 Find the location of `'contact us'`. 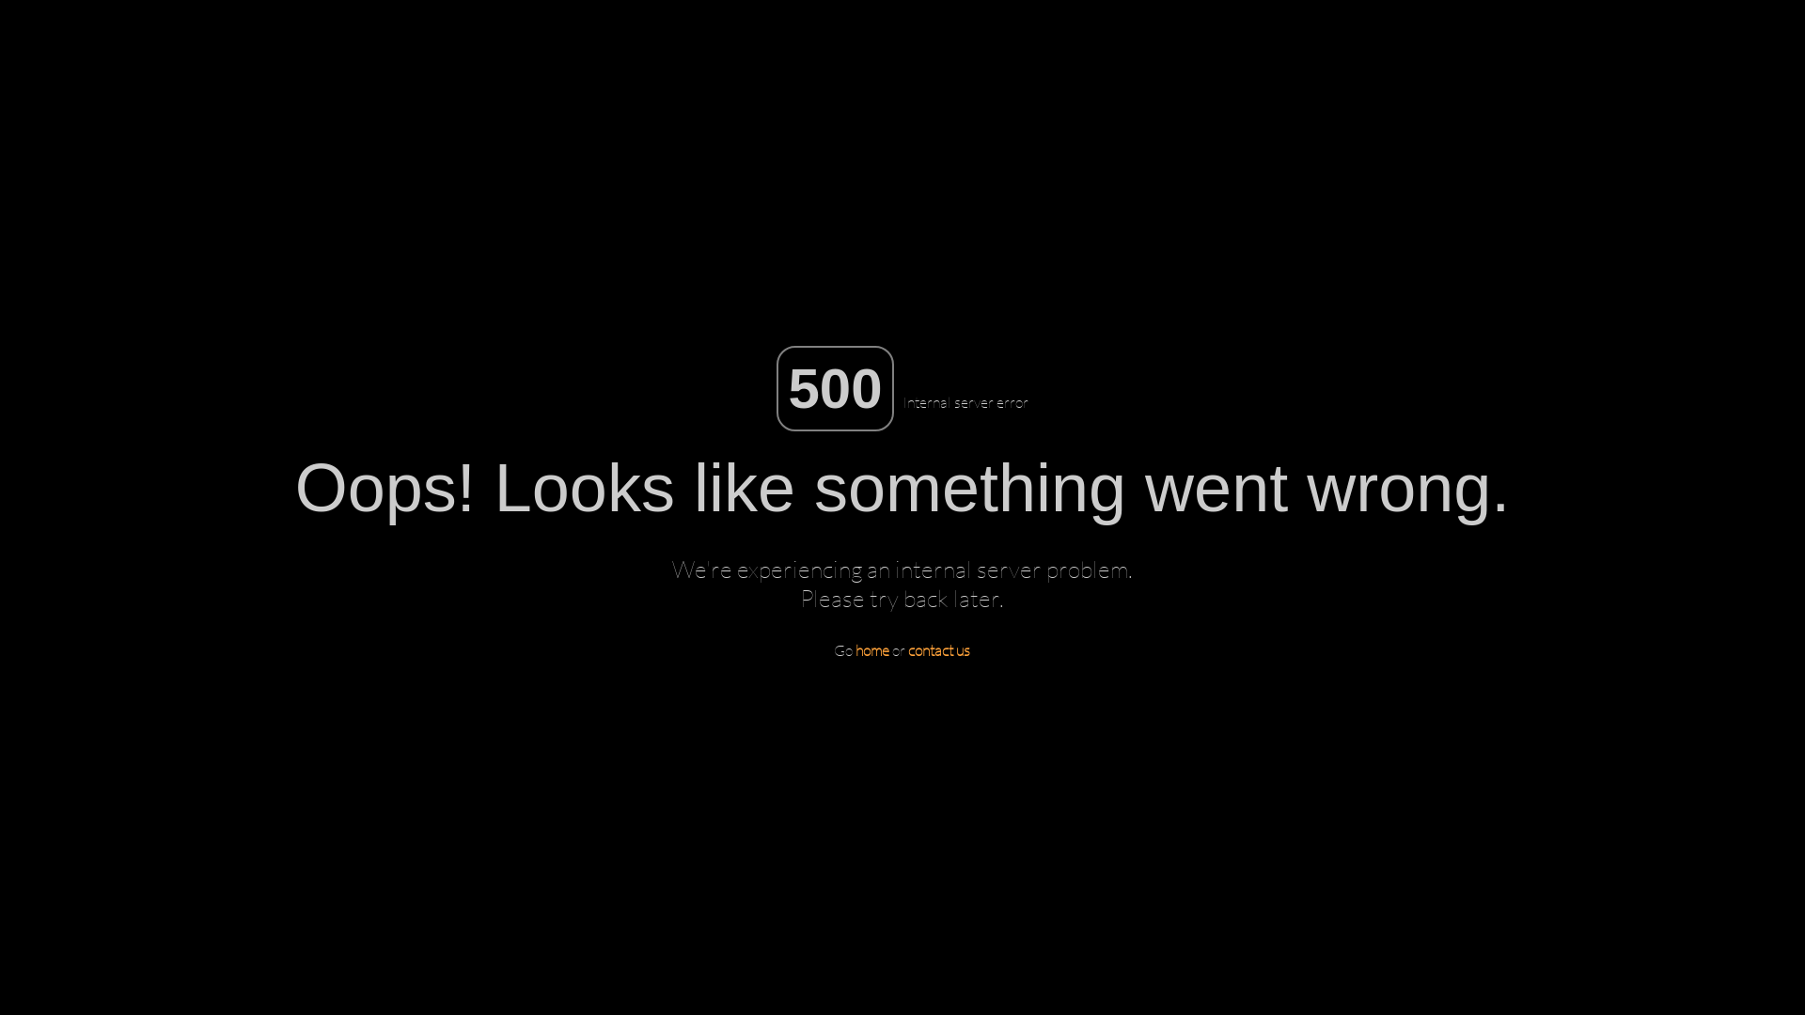

'contact us' is located at coordinates (938, 648).